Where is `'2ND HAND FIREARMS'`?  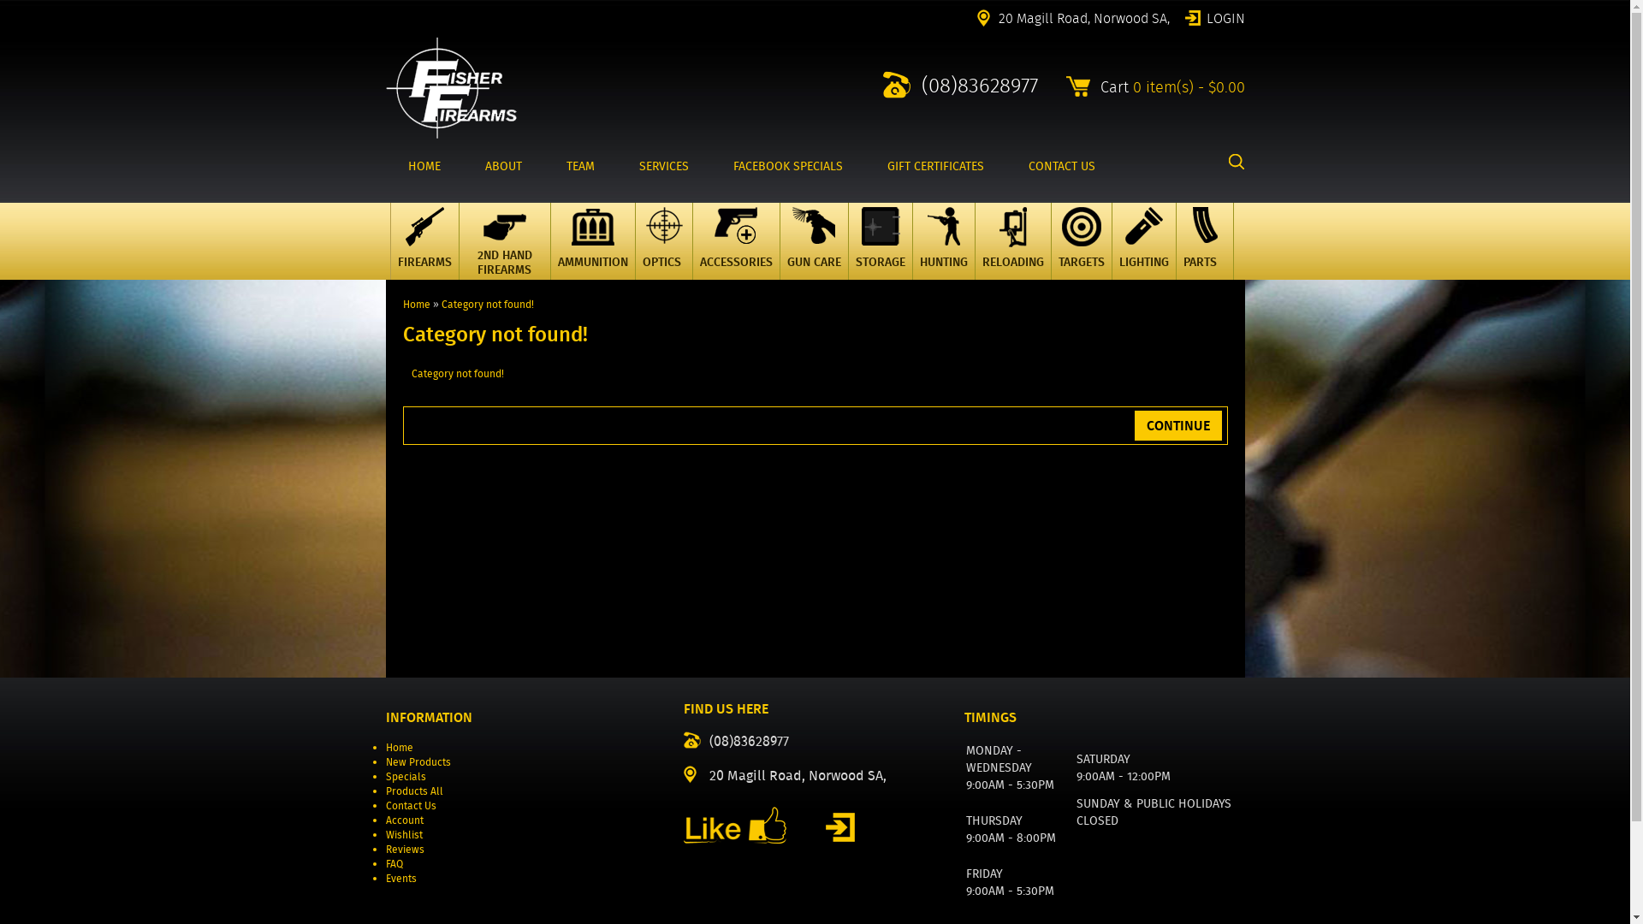
'2ND HAND FIREARMS' is located at coordinates (504, 240).